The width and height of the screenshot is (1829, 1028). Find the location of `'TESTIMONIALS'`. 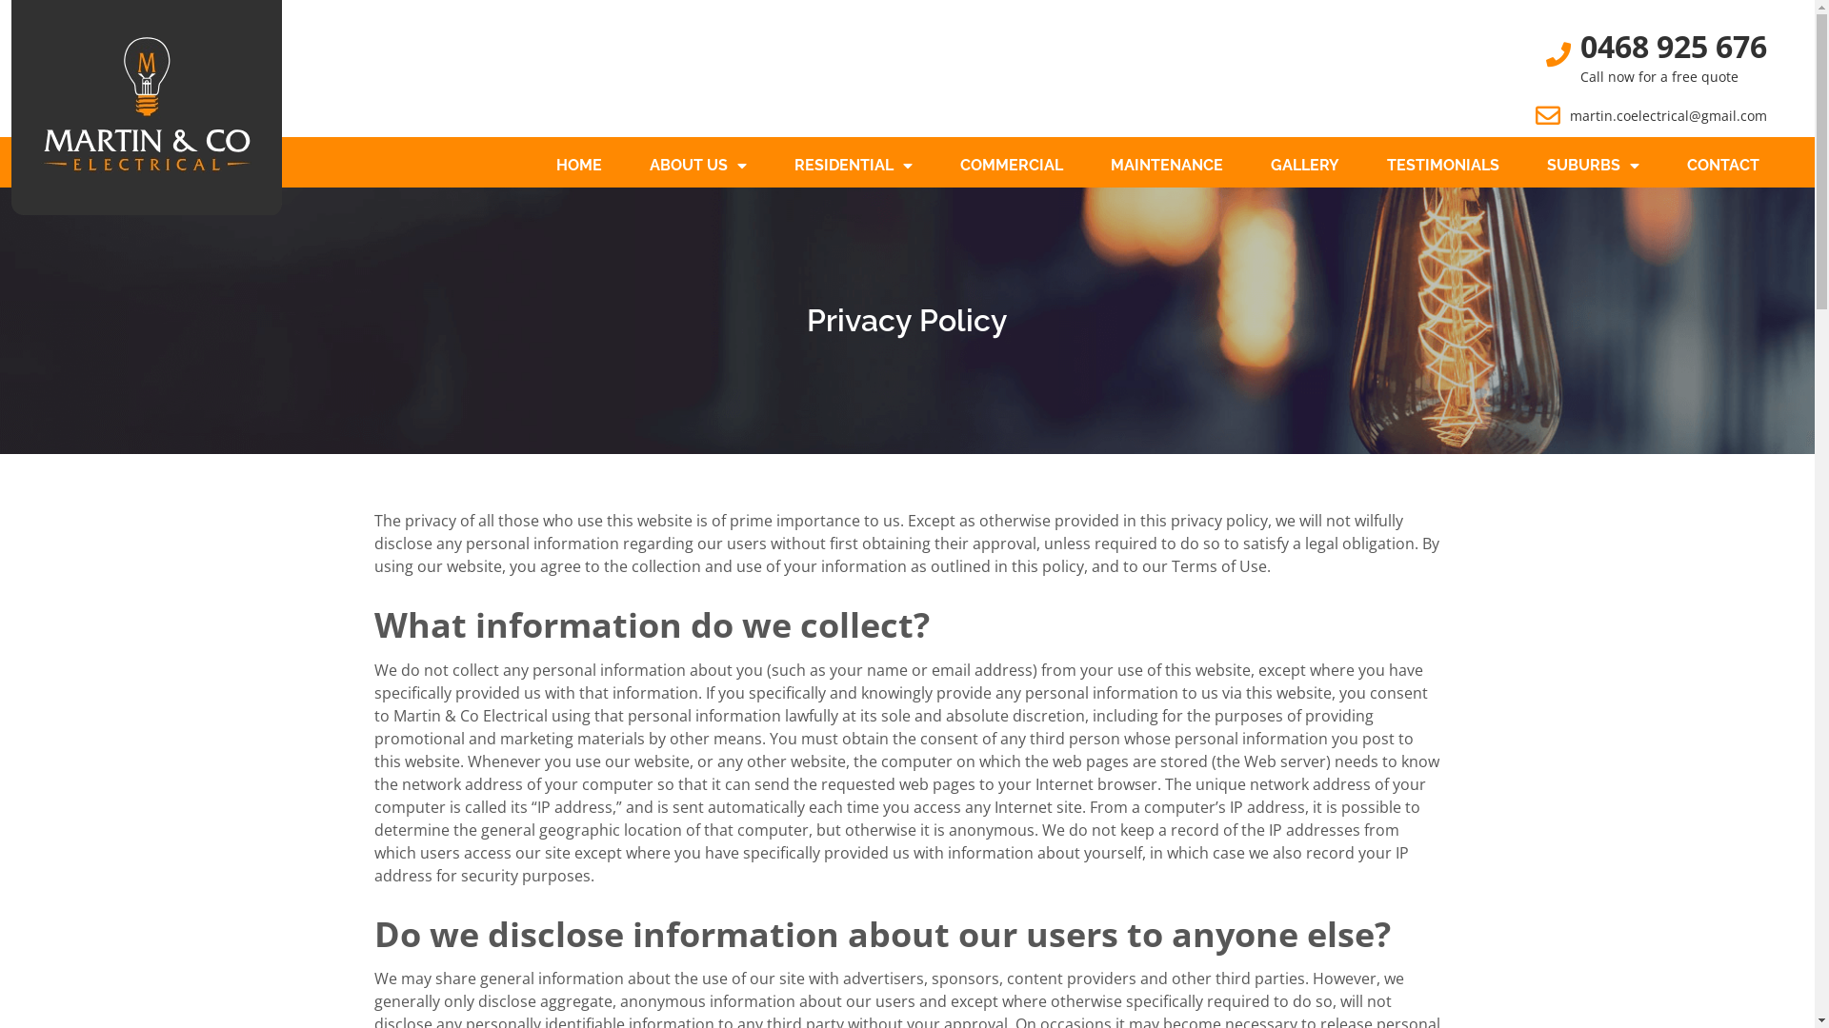

'TESTIMONIALS' is located at coordinates (1443, 164).